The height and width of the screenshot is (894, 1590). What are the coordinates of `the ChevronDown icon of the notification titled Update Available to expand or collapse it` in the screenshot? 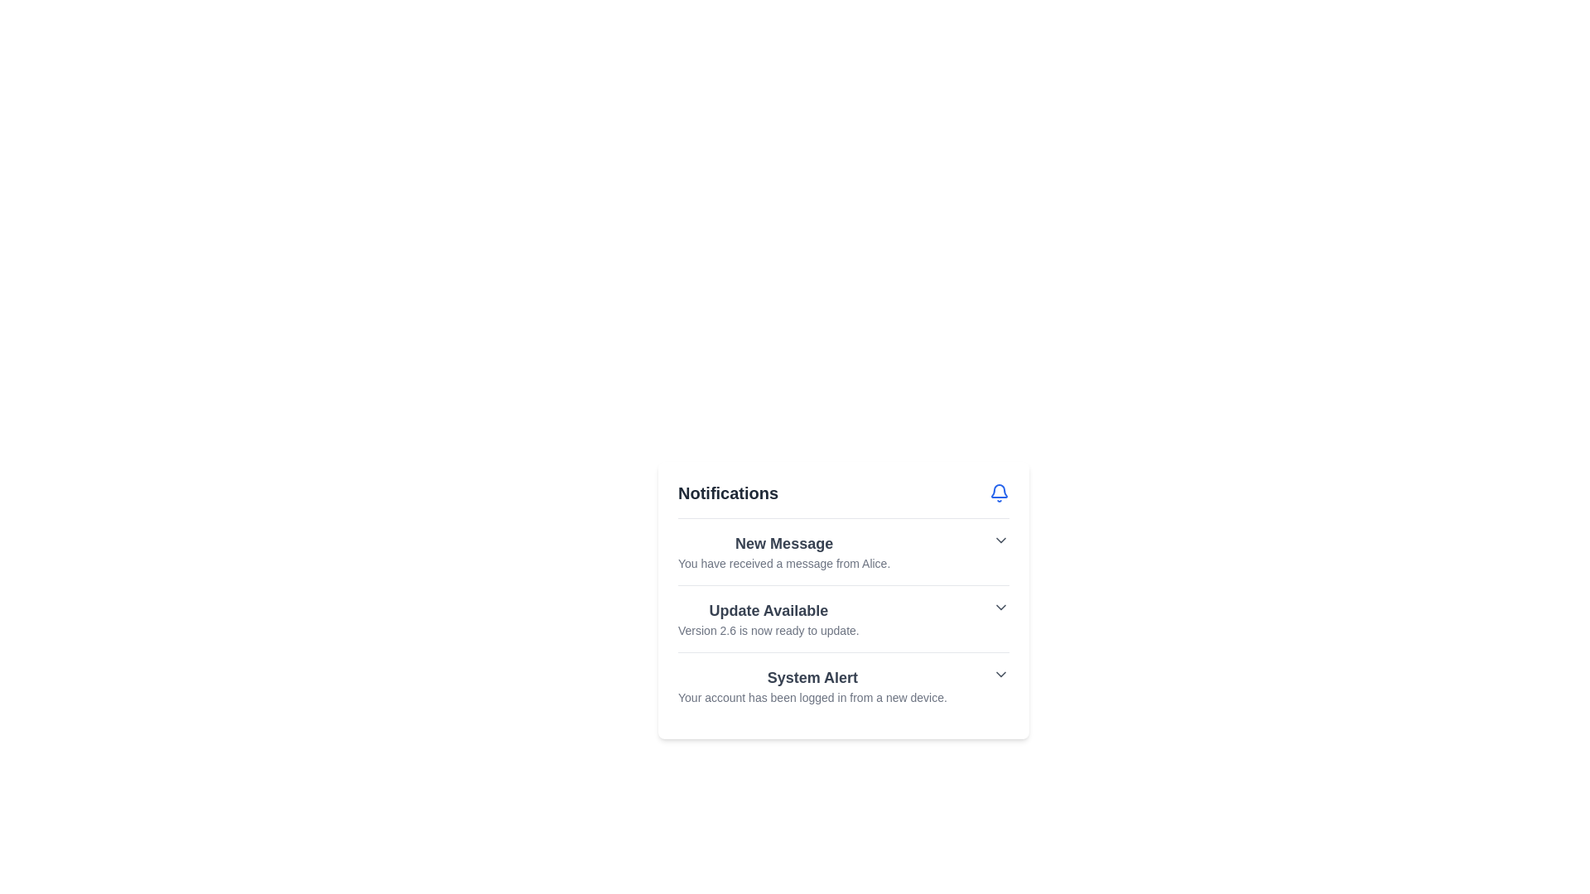 It's located at (1000, 607).